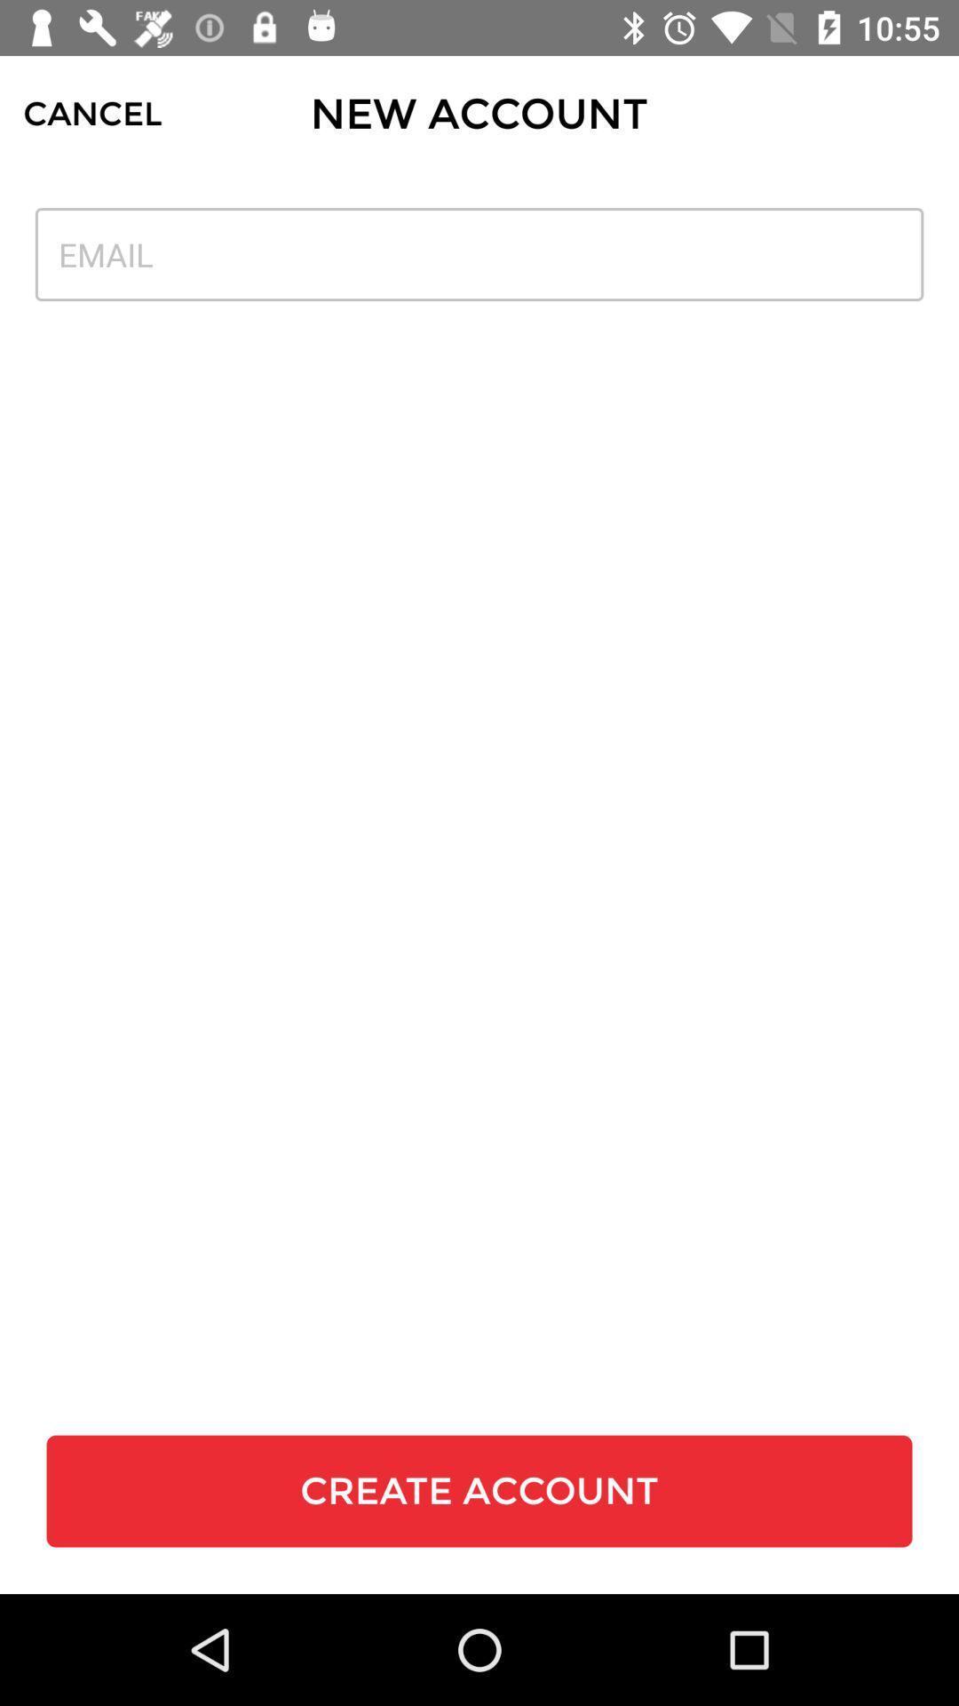  What do you see at coordinates (92, 113) in the screenshot?
I see `icon at the top left corner` at bounding box center [92, 113].